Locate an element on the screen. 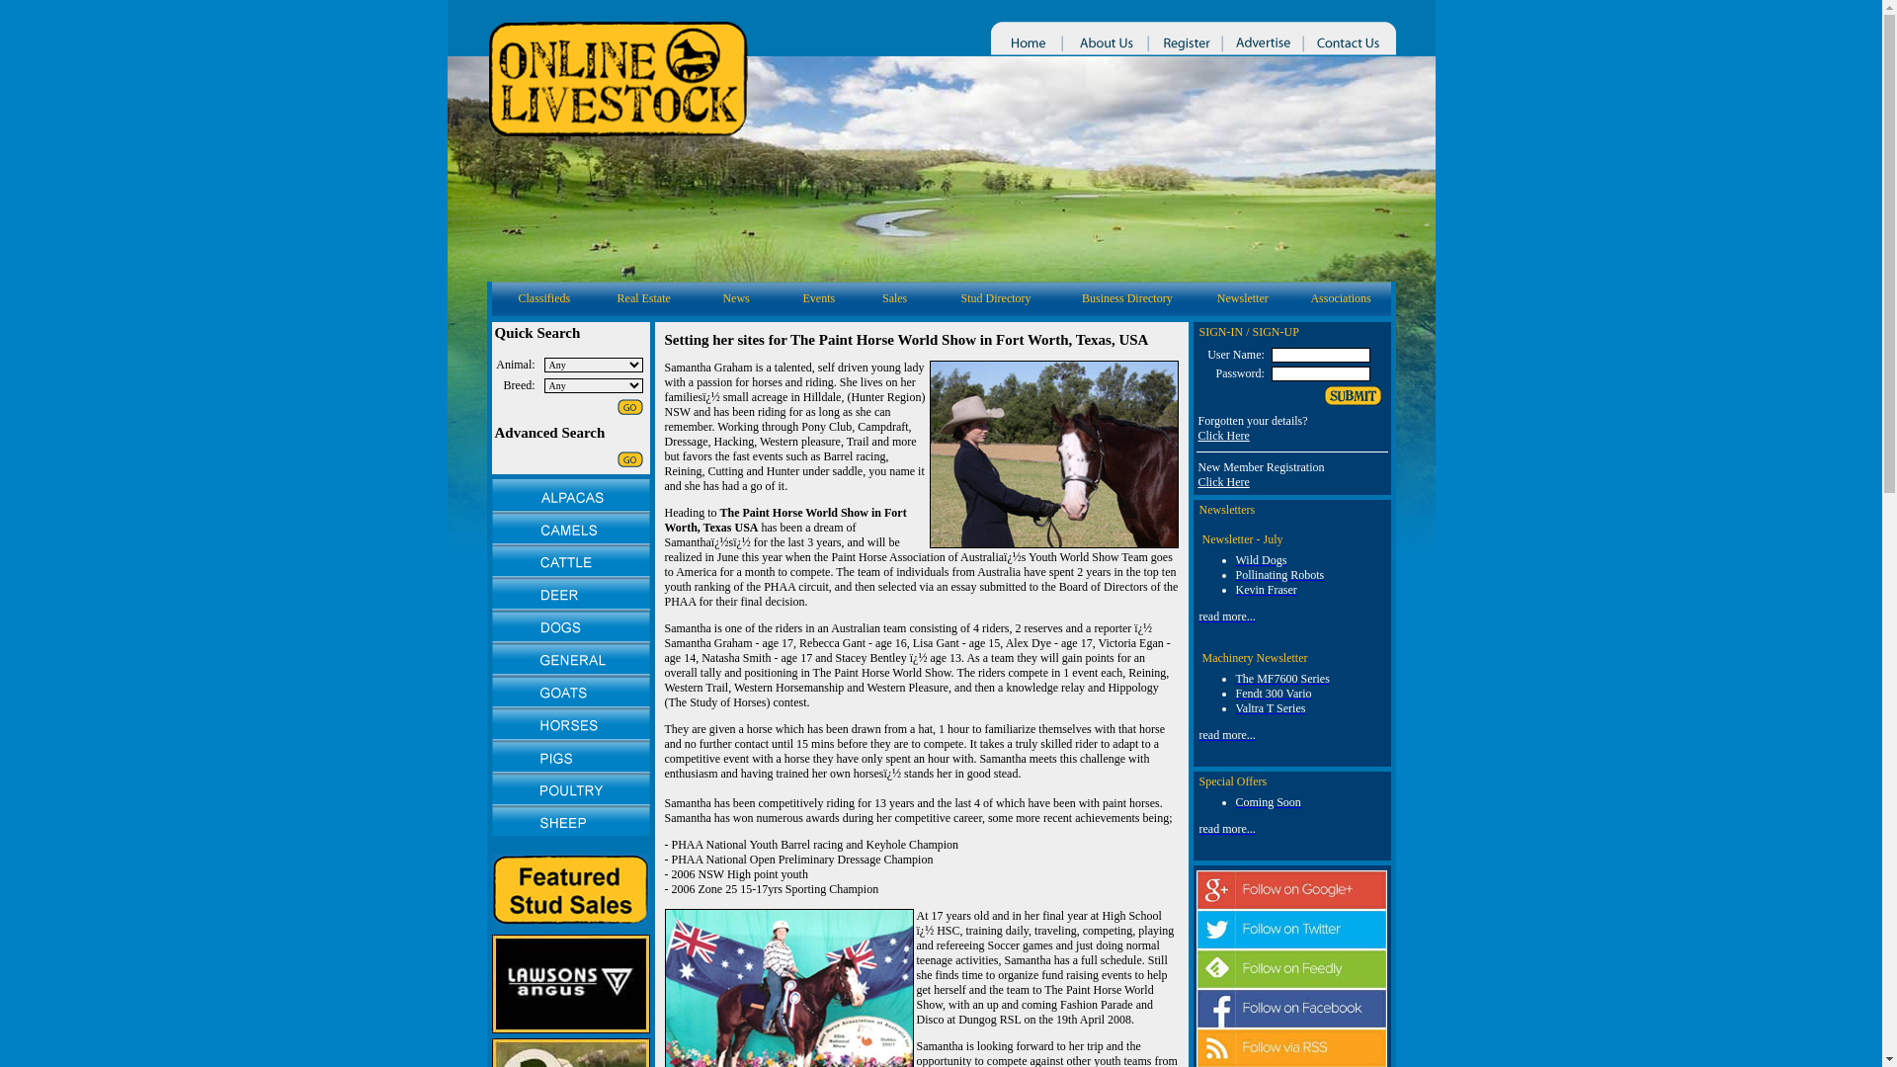 The width and height of the screenshot is (1897, 1067). 'Pollinating Robots' is located at coordinates (1279, 575).